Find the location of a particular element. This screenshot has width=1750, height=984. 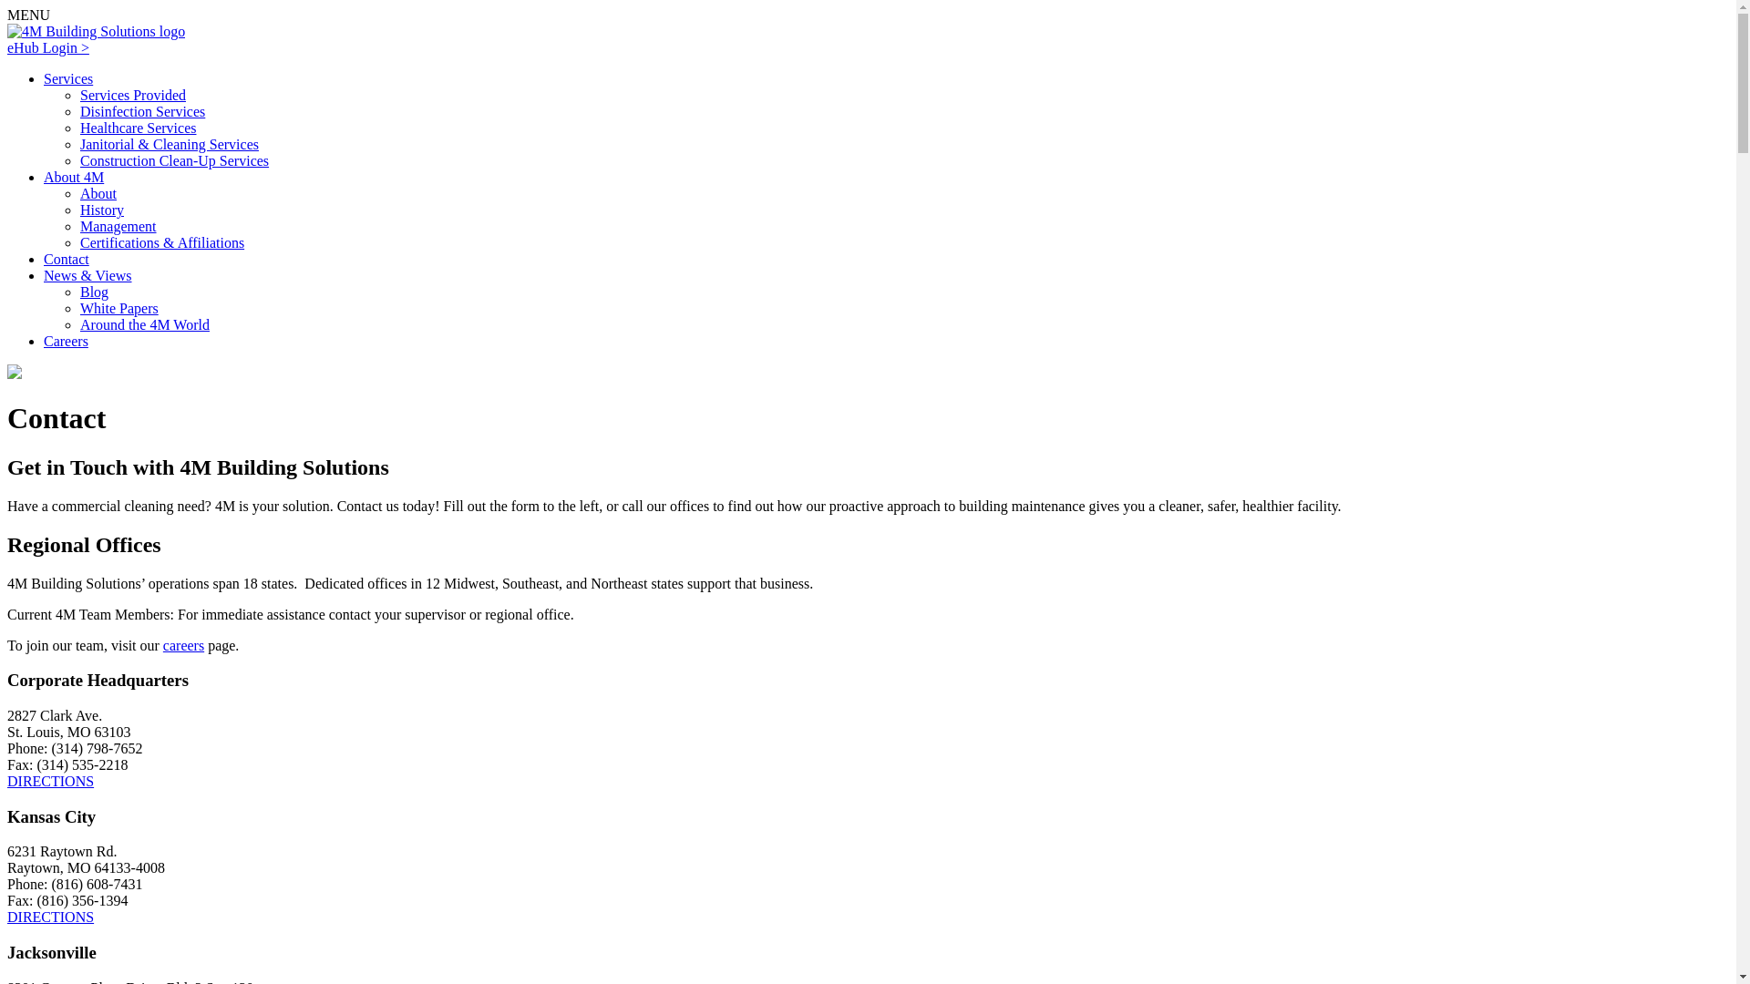

'eHub Login >' is located at coordinates (47, 46).